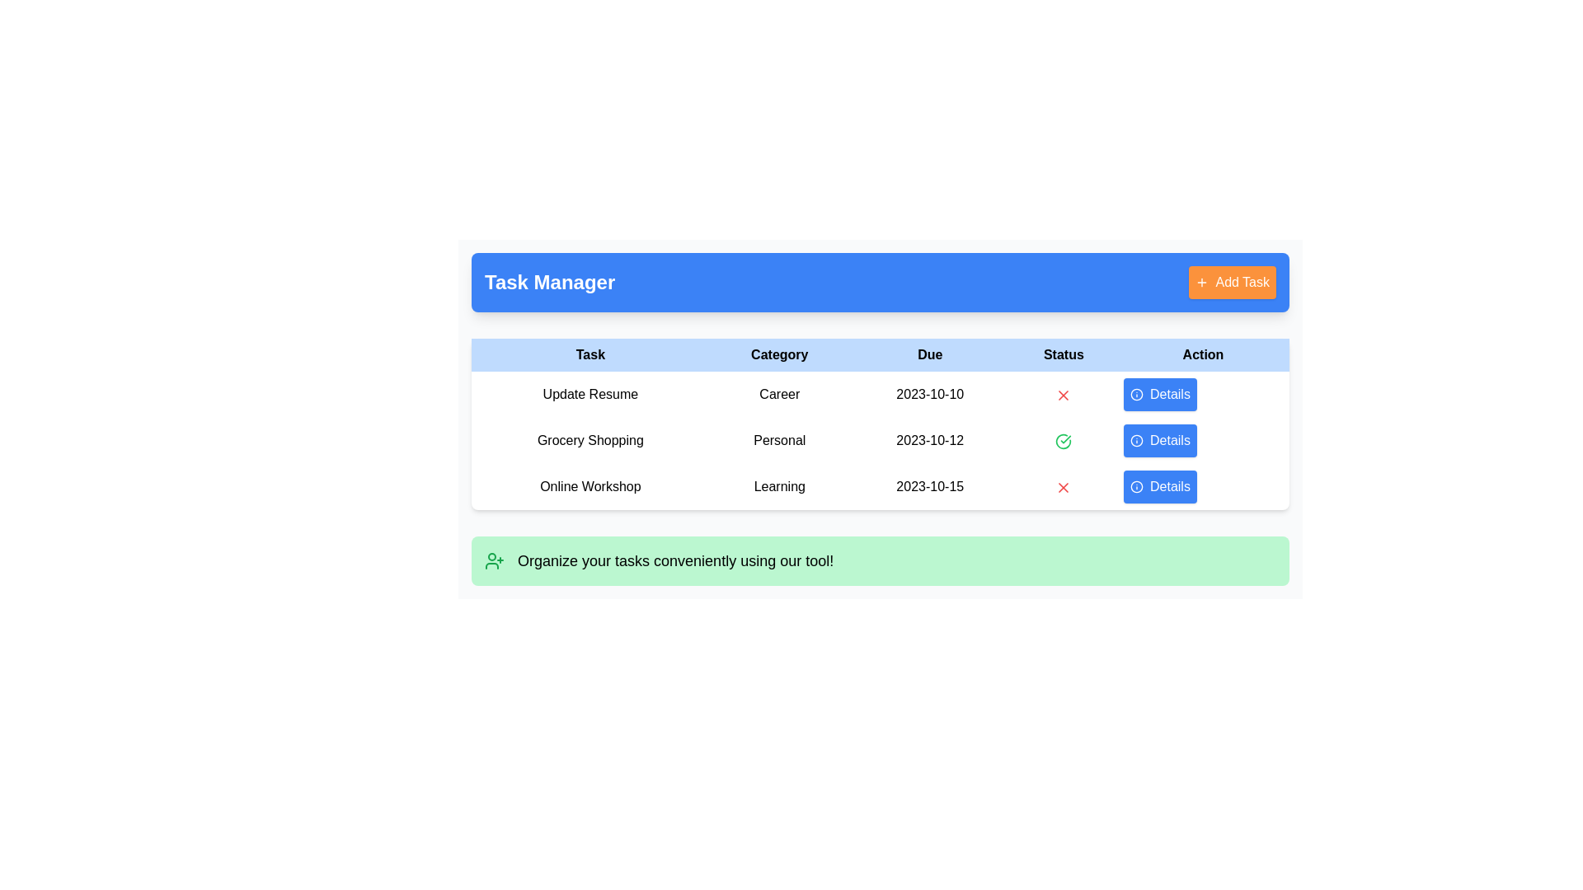 Image resolution: width=1583 pixels, height=890 pixels. Describe the element at coordinates (930, 354) in the screenshot. I see `the text label 'Due', which is formatted in bold black text on a light blue background and is the third cell in the header row of a table` at that location.